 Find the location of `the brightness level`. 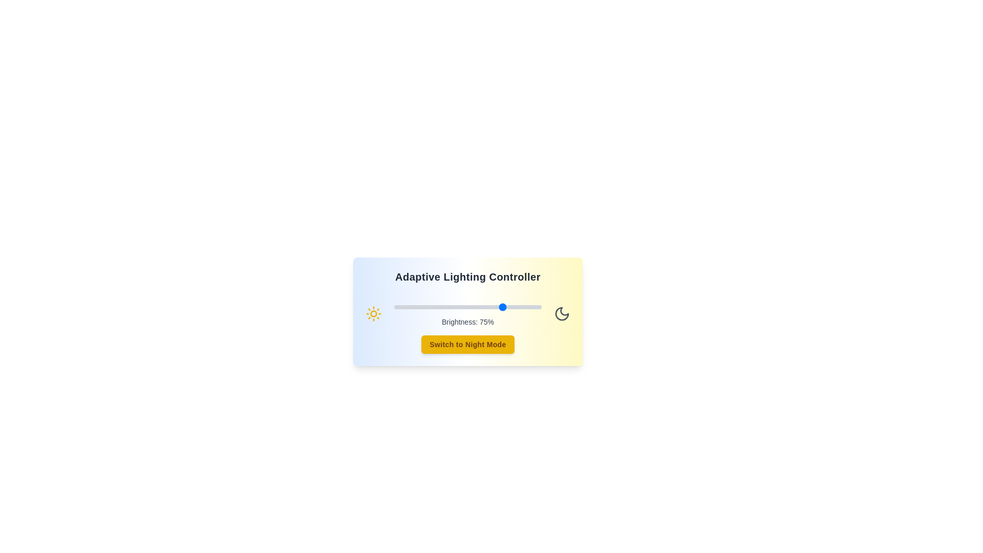

the brightness level is located at coordinates (497, 307).